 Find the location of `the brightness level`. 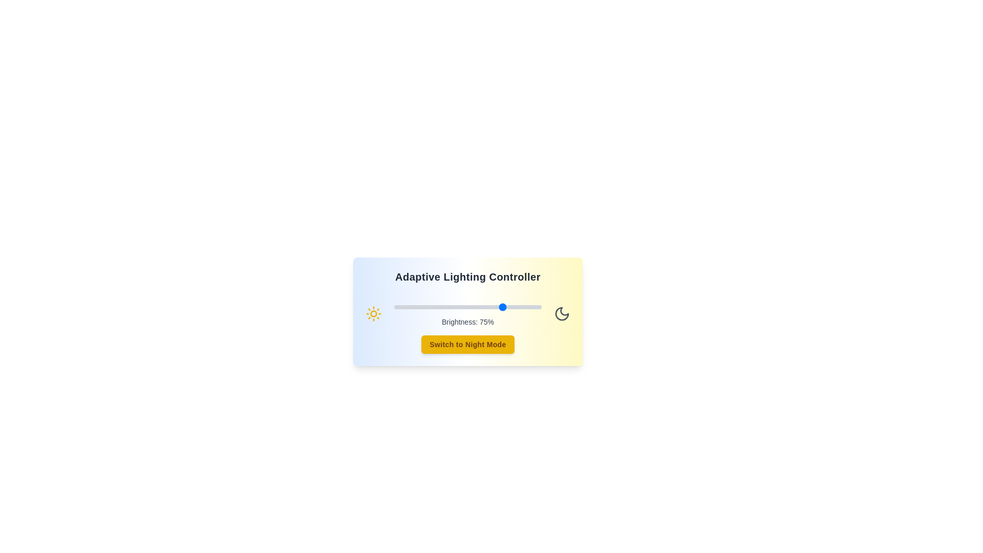

the brightness level is located at coordinates (497, 307).